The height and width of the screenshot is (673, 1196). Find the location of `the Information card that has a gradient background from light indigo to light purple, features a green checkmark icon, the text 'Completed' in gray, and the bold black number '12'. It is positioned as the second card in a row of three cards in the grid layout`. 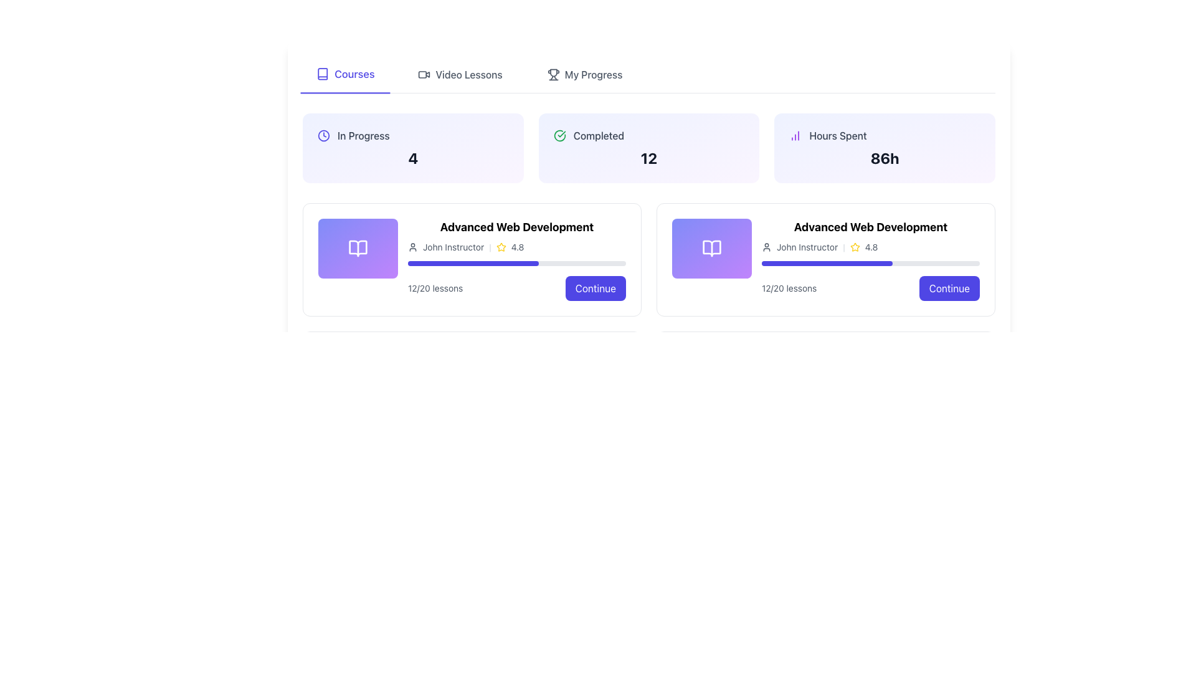

the Information card that has a gradient background from light indigo to light purple, features a green checkmark icon, the text 'Completed' in gray, and the bold black number '12'. It is positioned as the second card in a row of three cards in the grid layout is located at coordinates (648, 148).